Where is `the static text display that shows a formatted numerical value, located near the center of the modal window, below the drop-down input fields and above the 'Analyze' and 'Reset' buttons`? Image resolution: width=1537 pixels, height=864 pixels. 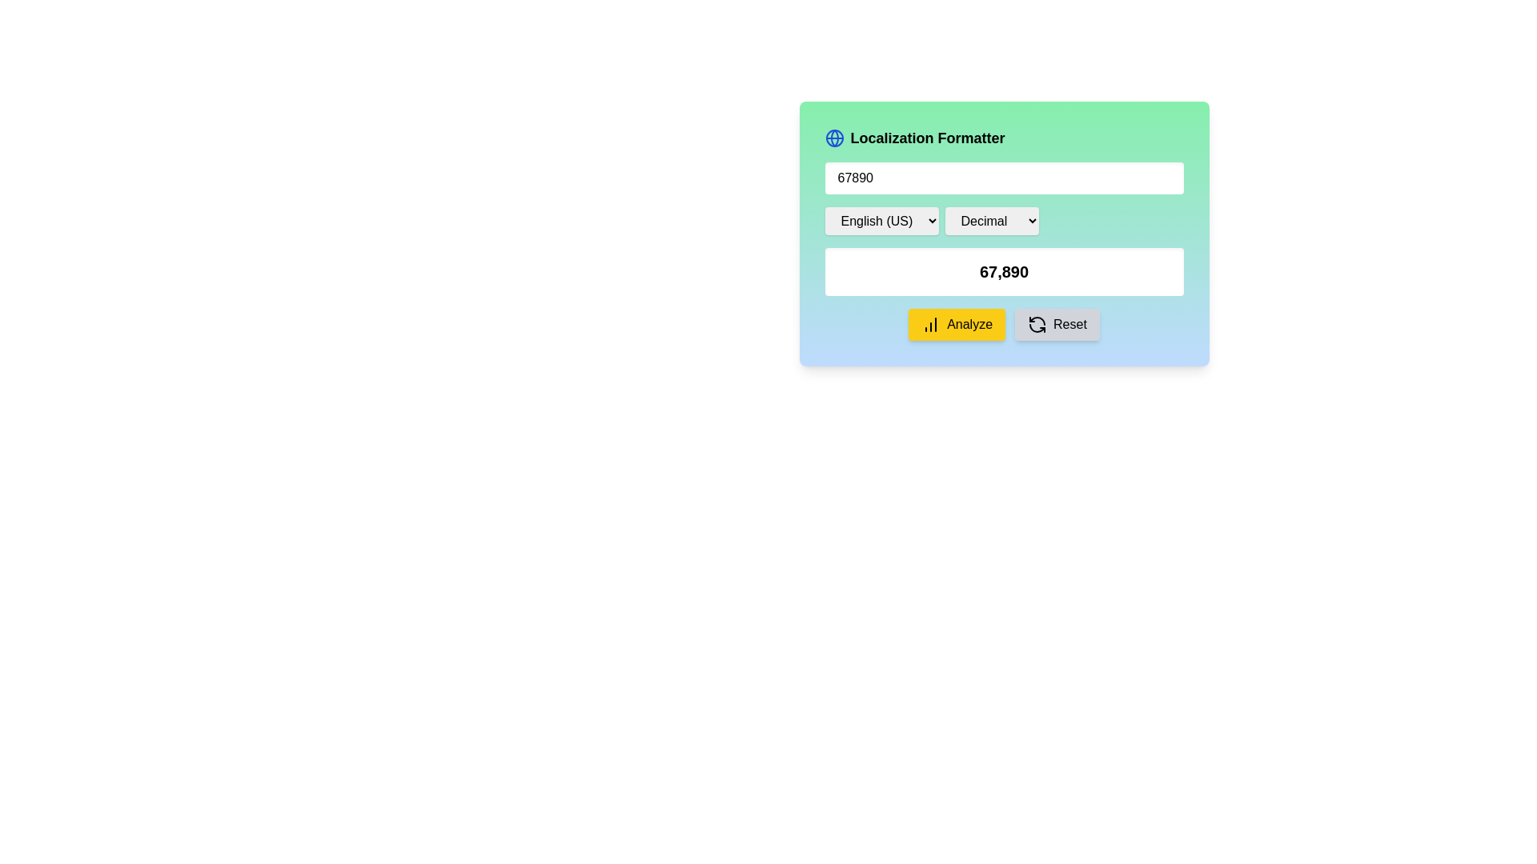 the static text display that shows a formatted numerical value, located near the center of the modal window, below the drop-down input fields and above the 'Analyze' and 'Reset' buttons is located at coordinates (1003, 297).